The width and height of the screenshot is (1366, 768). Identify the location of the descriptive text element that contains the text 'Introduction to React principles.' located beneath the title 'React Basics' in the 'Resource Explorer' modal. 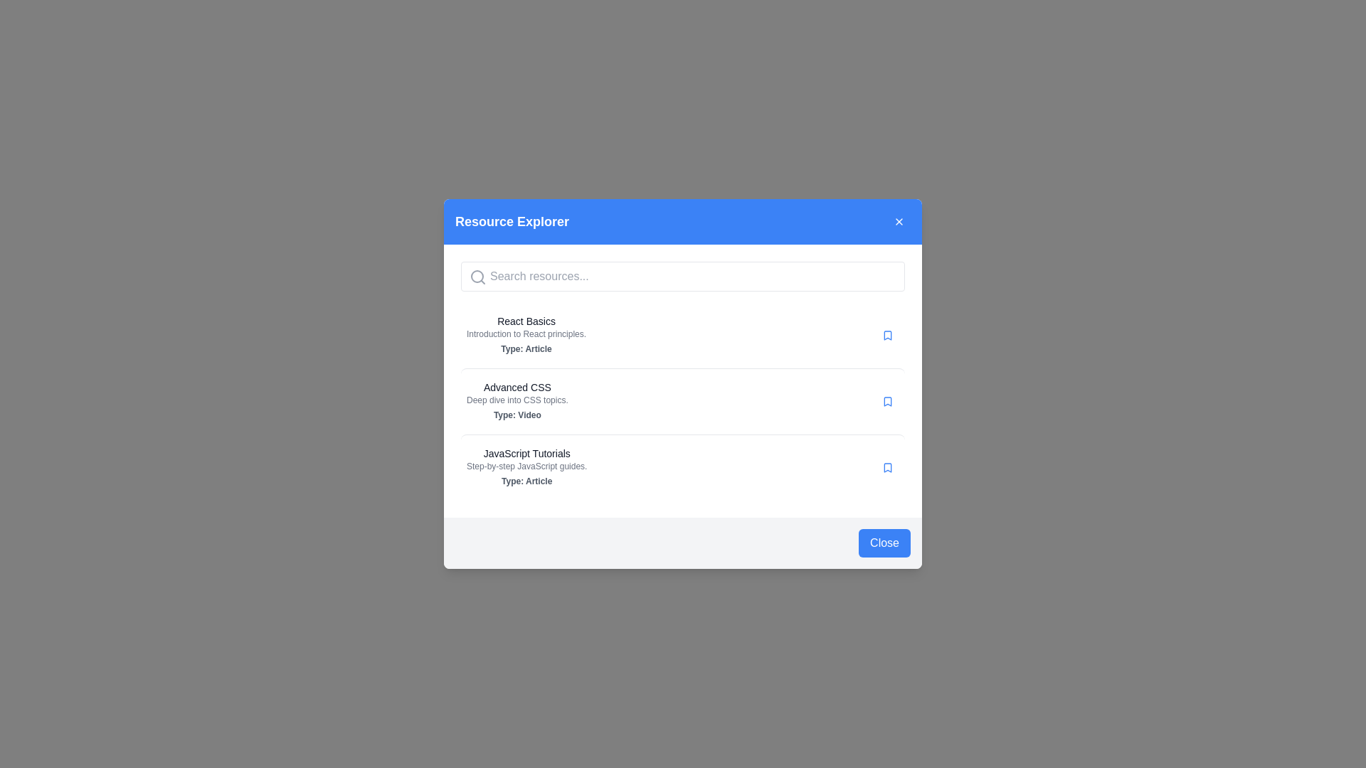
(525, 334).